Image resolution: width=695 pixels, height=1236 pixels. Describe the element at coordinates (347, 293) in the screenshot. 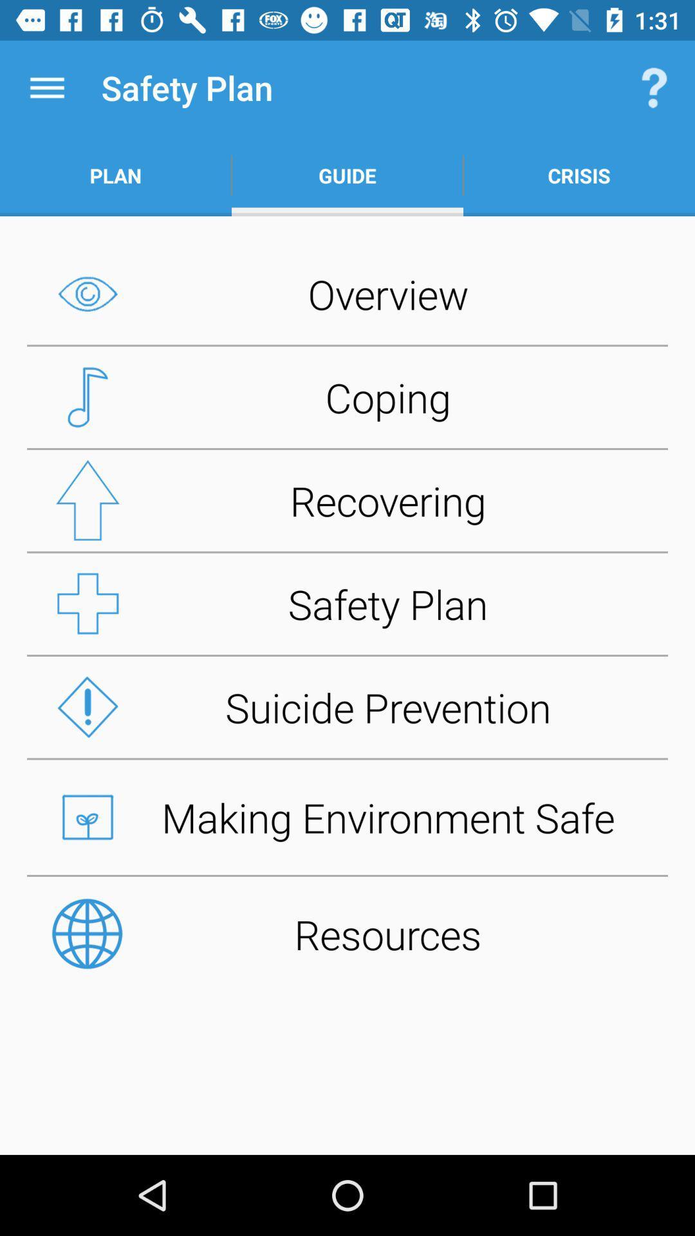

I see `the overview button` at that location.